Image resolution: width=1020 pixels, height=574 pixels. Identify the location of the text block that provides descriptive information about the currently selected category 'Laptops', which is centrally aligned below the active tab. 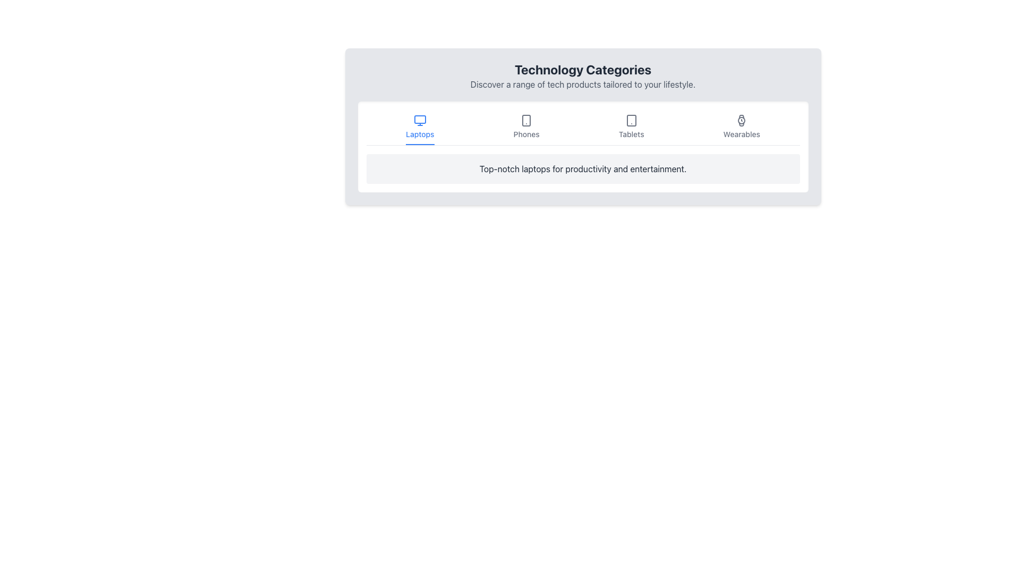
(582, 168).